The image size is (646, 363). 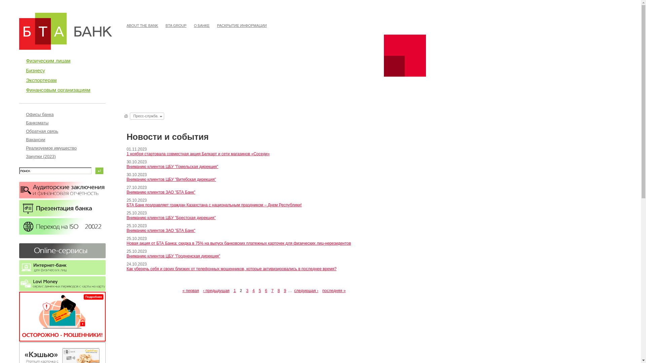 I want to click on '3', so click(x=247, y=290).